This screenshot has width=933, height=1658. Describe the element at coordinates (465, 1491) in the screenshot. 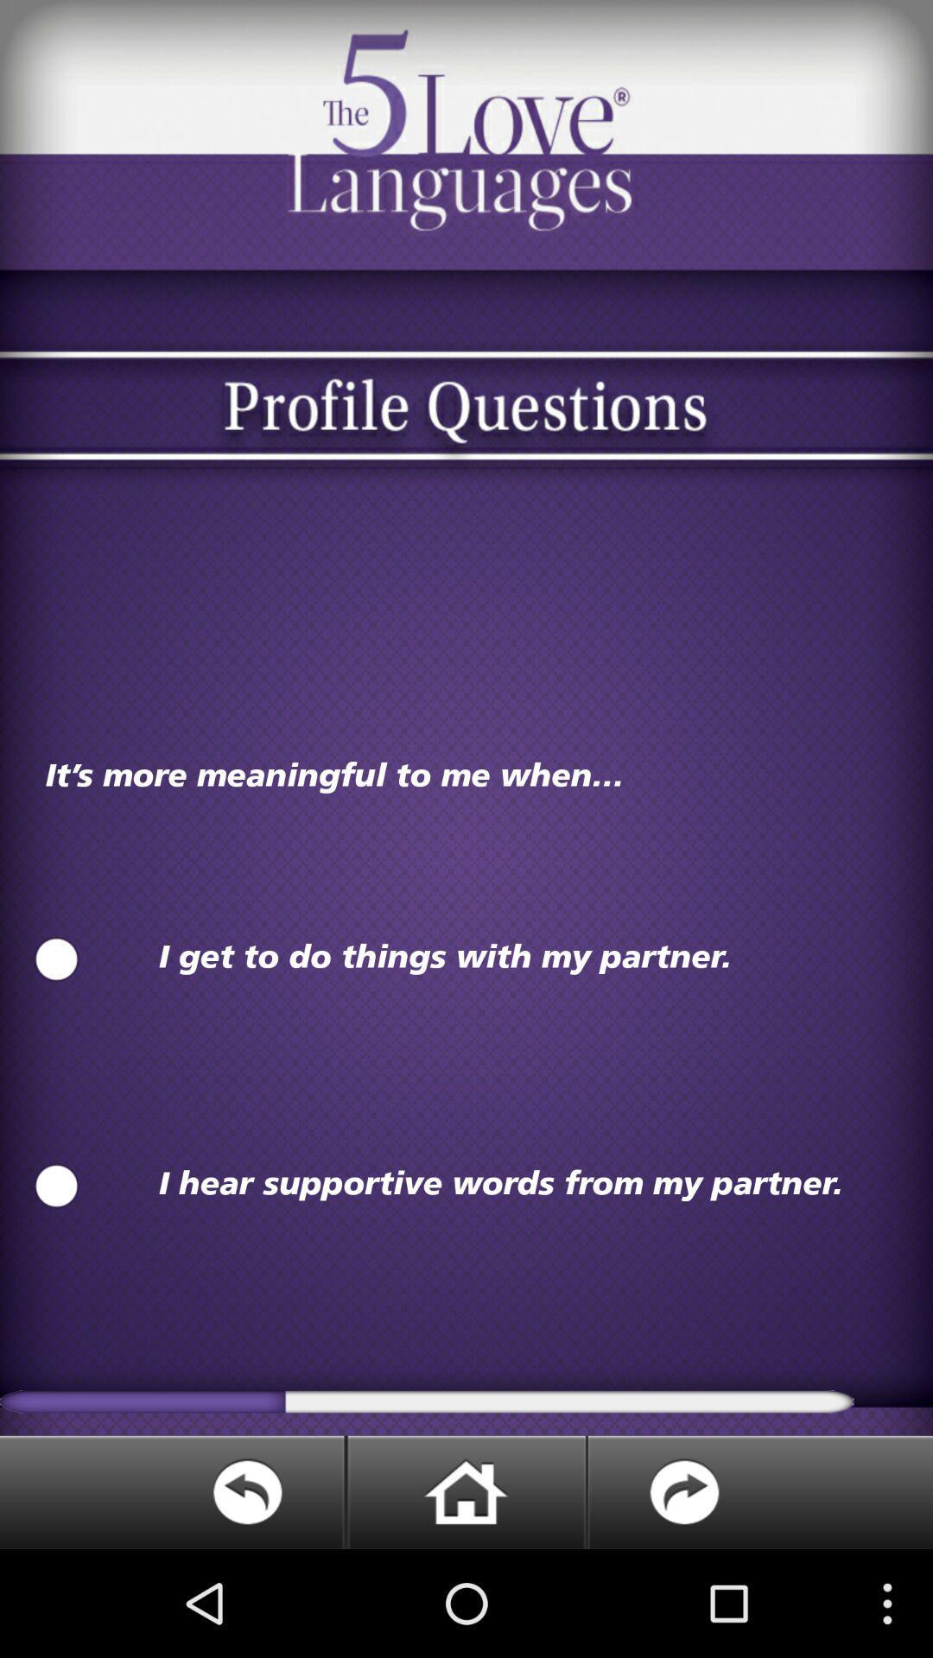

I see `advertisement` at that location.